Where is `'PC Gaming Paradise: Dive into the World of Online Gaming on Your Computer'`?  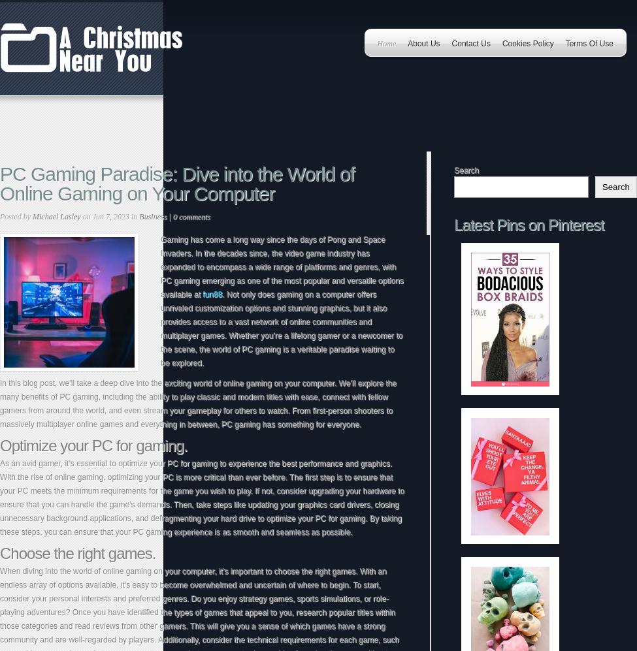 'PC Gaming Paradise: Dive into the World of Online Gaming on Your Computer' is located at coordinates (176, 183).